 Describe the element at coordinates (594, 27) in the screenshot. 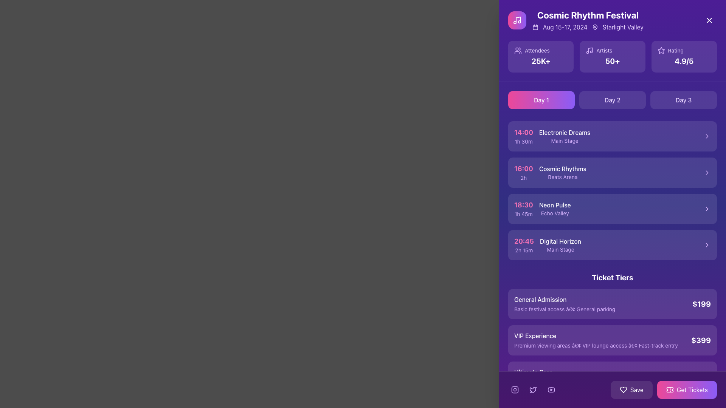

I see `the geographical location icon in the header section of the interface, positioned to the right of the event dates and below the event title` at that location.